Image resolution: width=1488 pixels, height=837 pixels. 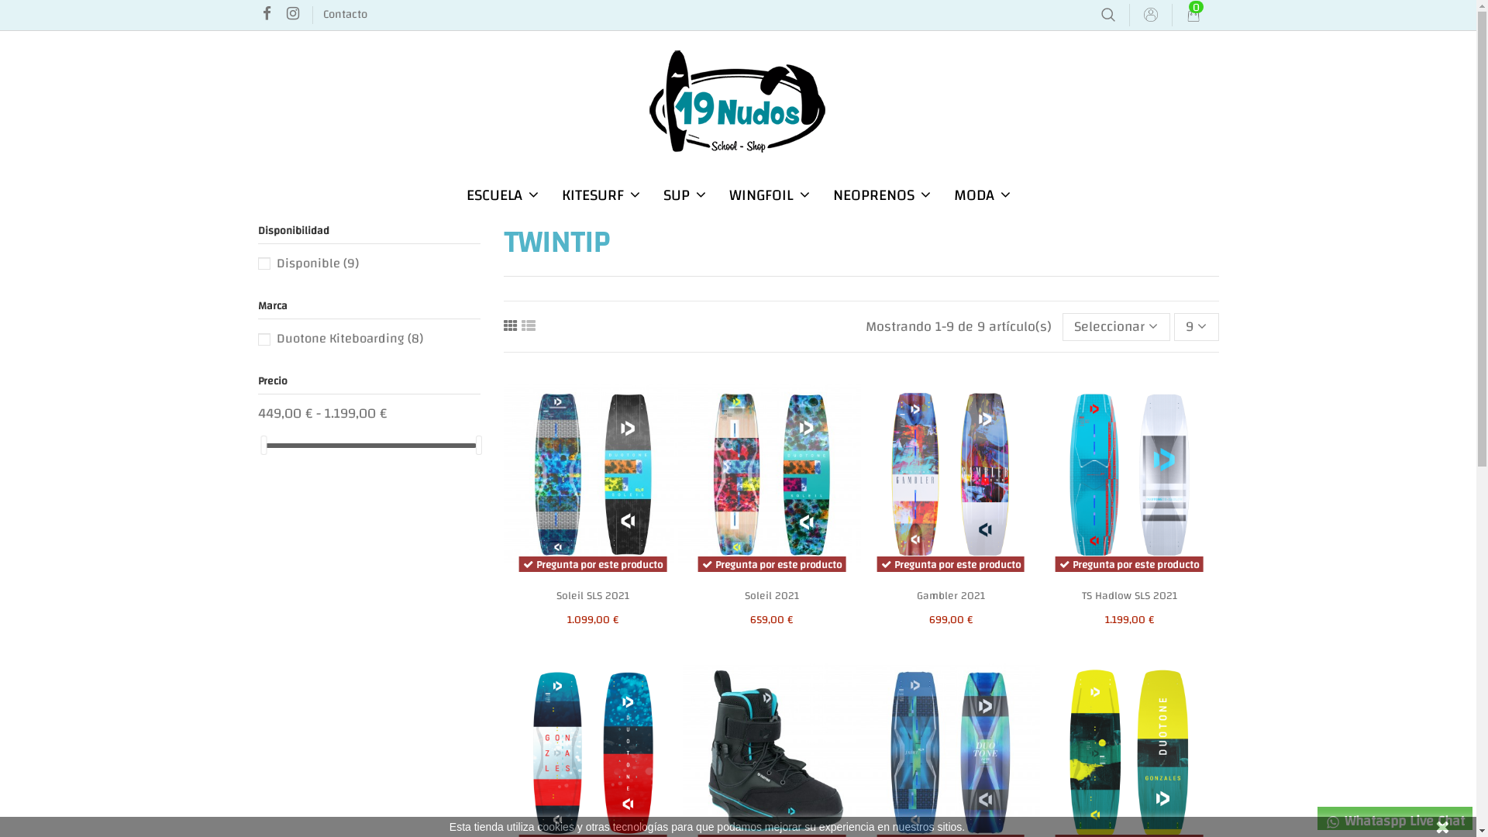 What do you see at coordinates (881, 195) in the screenshot?
I see `'NEOPRENOS'` at bounding box center [881, 195].